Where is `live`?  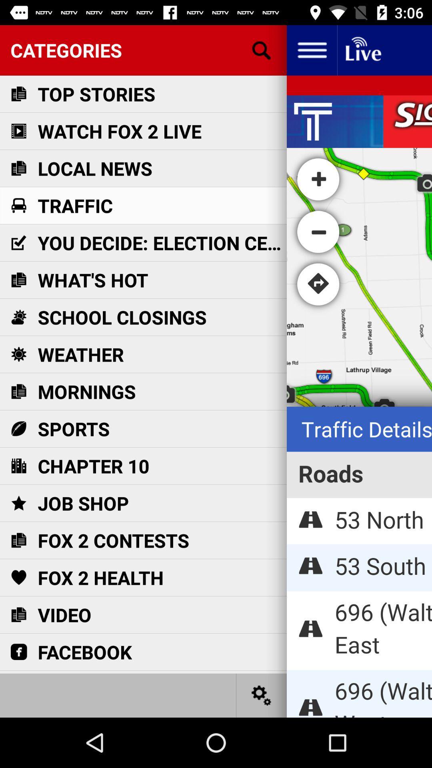
live is located at coordinates (362, 50).